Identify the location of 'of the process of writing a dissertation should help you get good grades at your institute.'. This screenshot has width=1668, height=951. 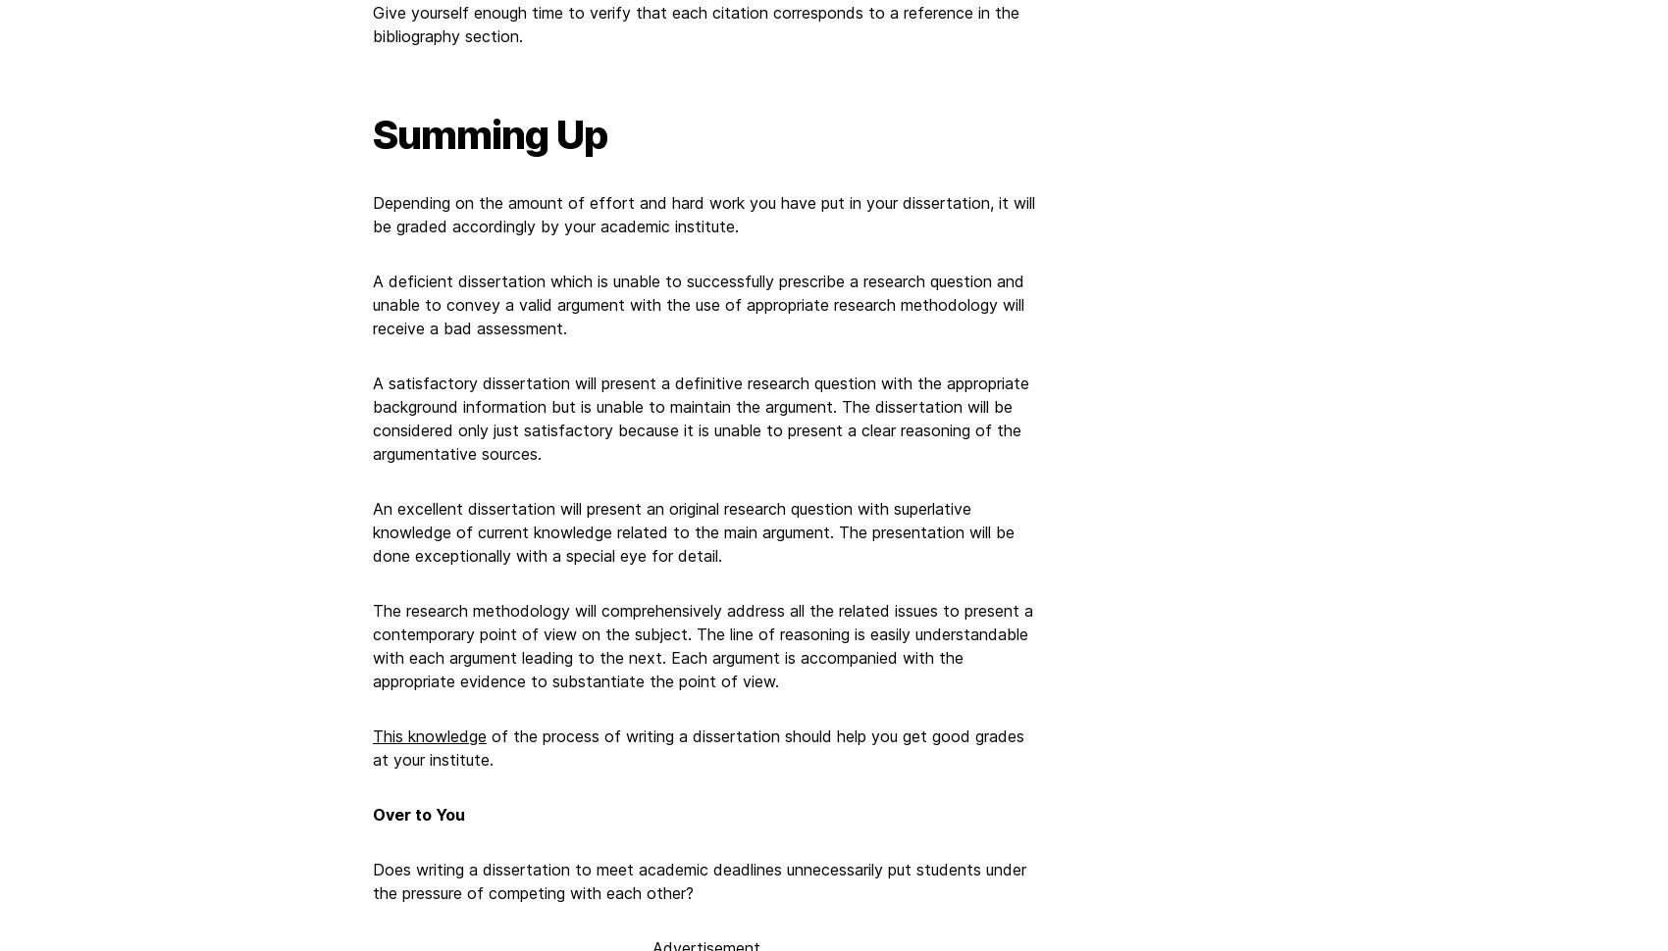
(698, 746).